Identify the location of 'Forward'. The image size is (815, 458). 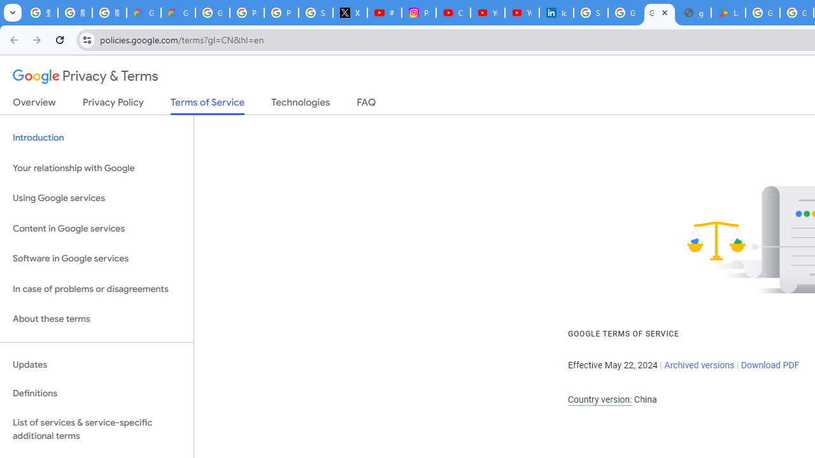
(37, 39).